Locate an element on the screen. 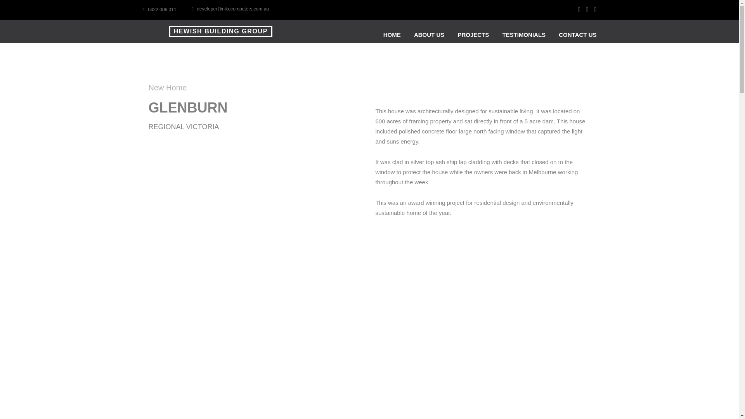 Image resolution: width=745 pixels, height=419 pixels. 'TESTIMONIALS' is located at coordinates (523, 34).